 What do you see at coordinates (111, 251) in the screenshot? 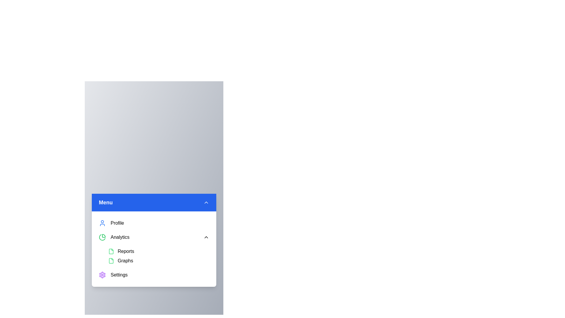
I see `the document file icon with a green outline, which is located to the left of the 'Reports' label` at bounding box center [111, 251].